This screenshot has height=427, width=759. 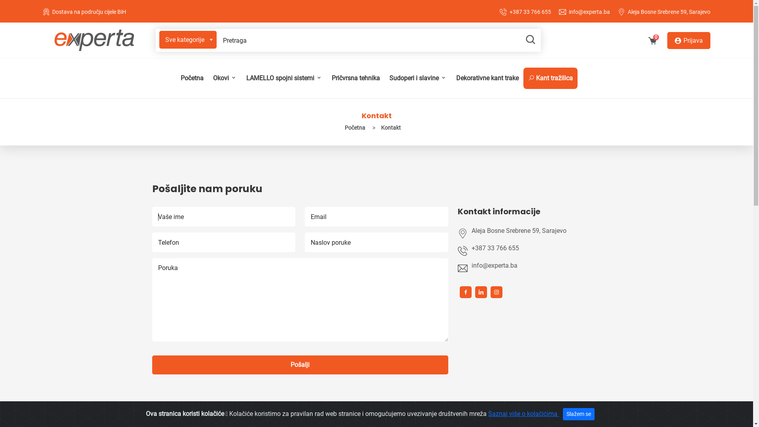 What do you see at coordinates (224, 78) in the screenshot?
I see `'Okovi'` at bounding box center [224, 78].